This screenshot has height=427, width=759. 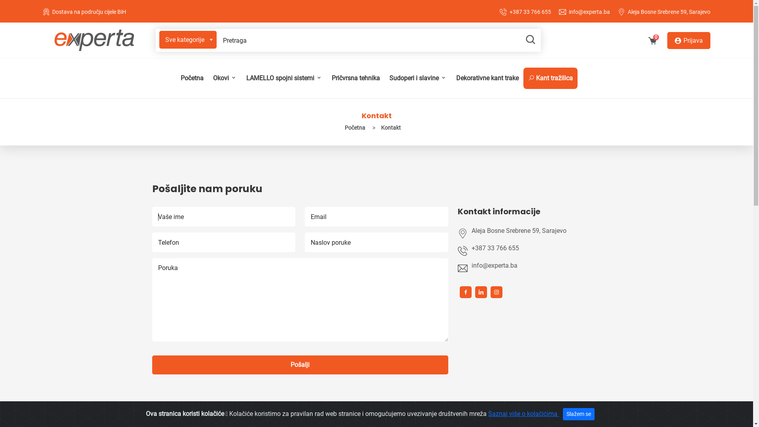 What do you see at coordinates (224, 78) in the screenshot?
I see `'Okovi'` at bounding box center [224, 78].